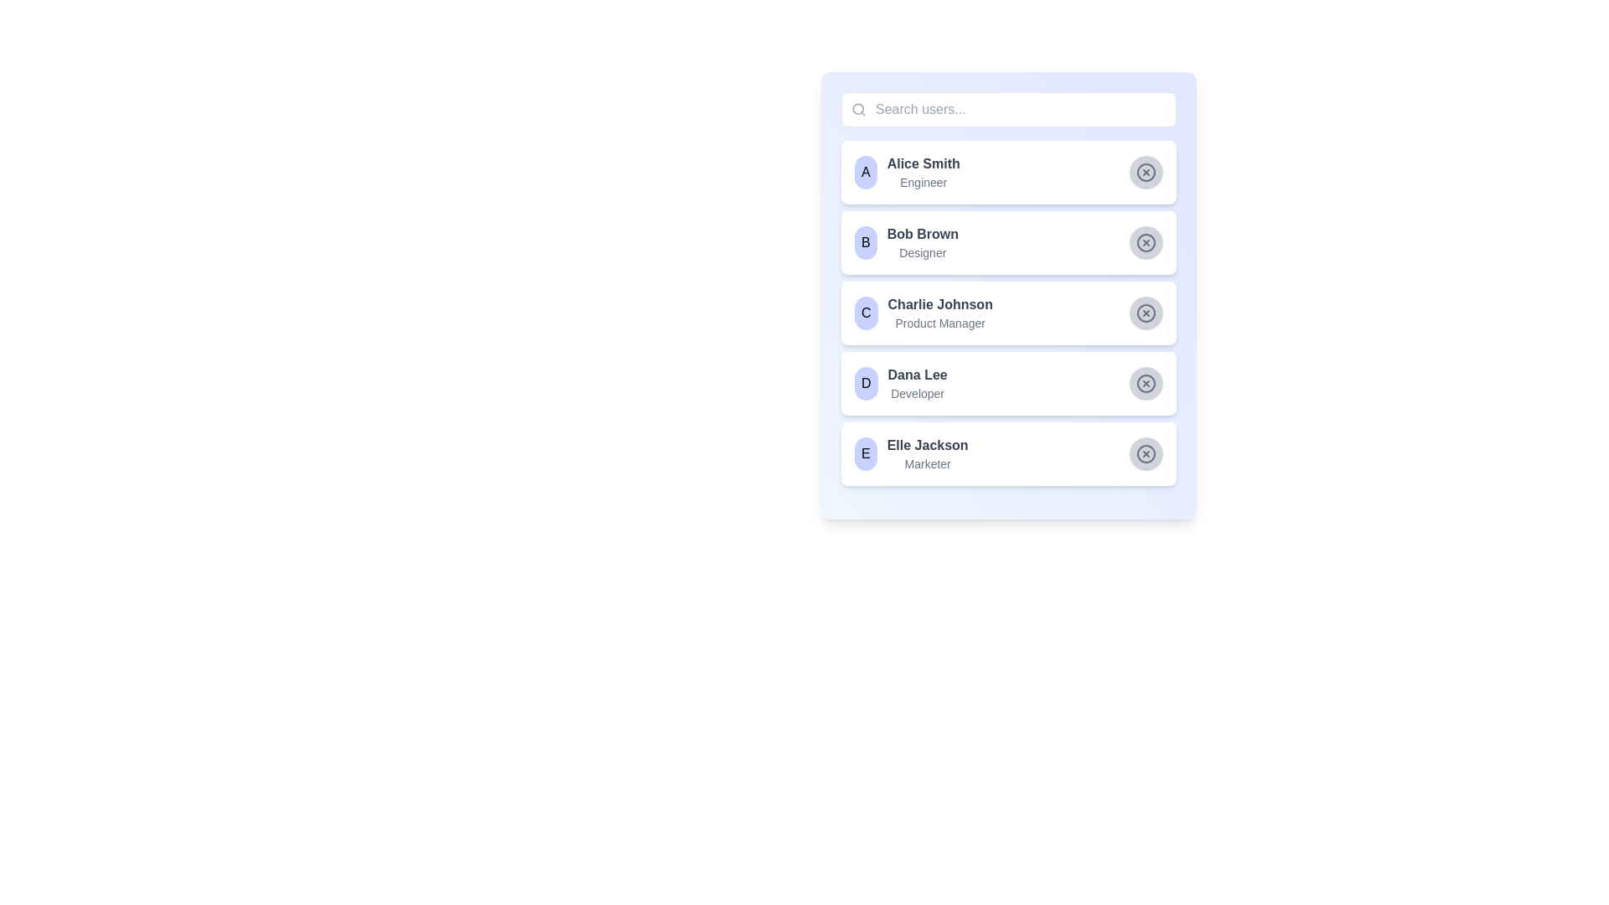 The width and height of the screenshot is (1609, 905). What do you see at coordinates (1146, 172) in the screenshot?
I see `the button located on the far-right side of the item titled 'Alice Smith' in the first row of the list` at bounding box center [1146, 172].